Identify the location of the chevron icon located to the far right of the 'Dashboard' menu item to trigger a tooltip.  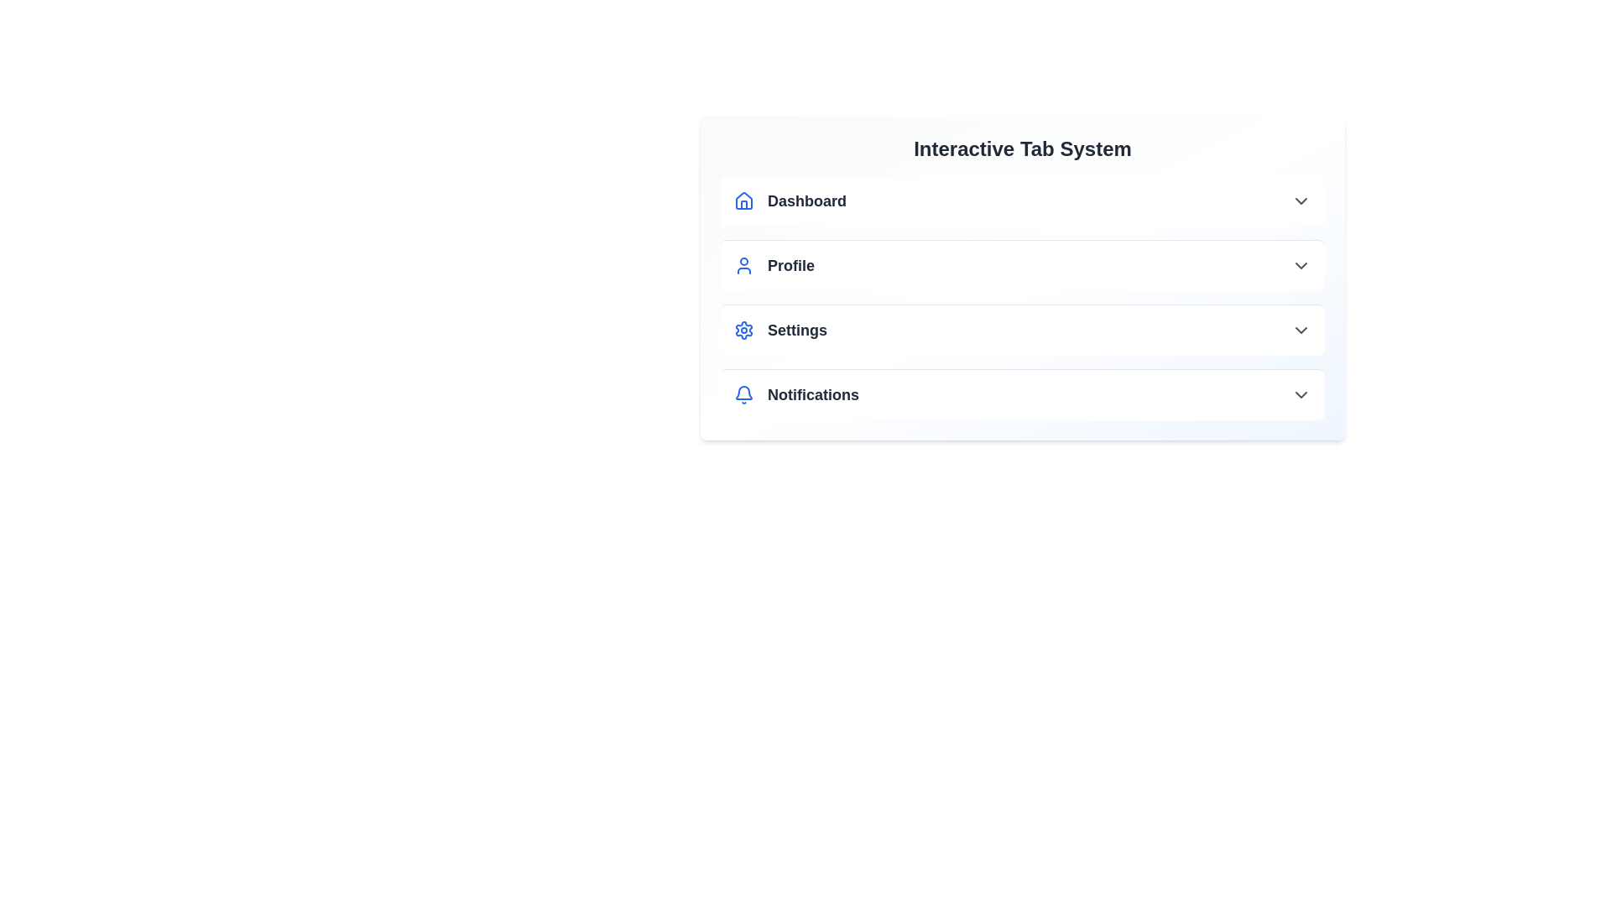
(1300, 200).